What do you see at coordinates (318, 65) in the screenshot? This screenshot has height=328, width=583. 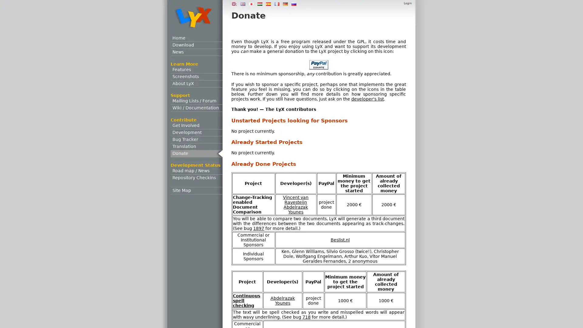 I see `Make payments with PayPal - it's fast, free and secure!` at bounding box center [318, 65].